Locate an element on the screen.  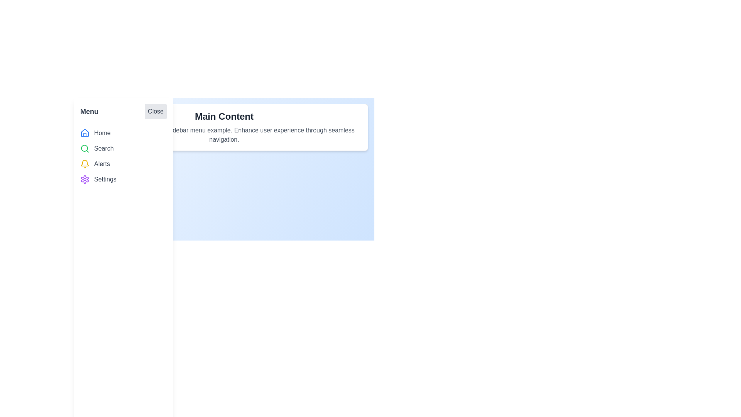
the 'Settings' text label, which is styled in gray sans-serif font and positioned next to a purple gear icon in the vertical menu on the left side of the interface is located at coordinates (105, 180).